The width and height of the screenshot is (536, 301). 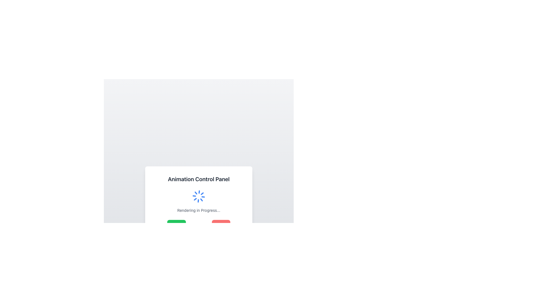 What do you see at coordinates (221, 225) in the screenshot?
I see `the 'Stop' button, which is a rectangular button with a red background and white text` at bounding box center [221, 225].